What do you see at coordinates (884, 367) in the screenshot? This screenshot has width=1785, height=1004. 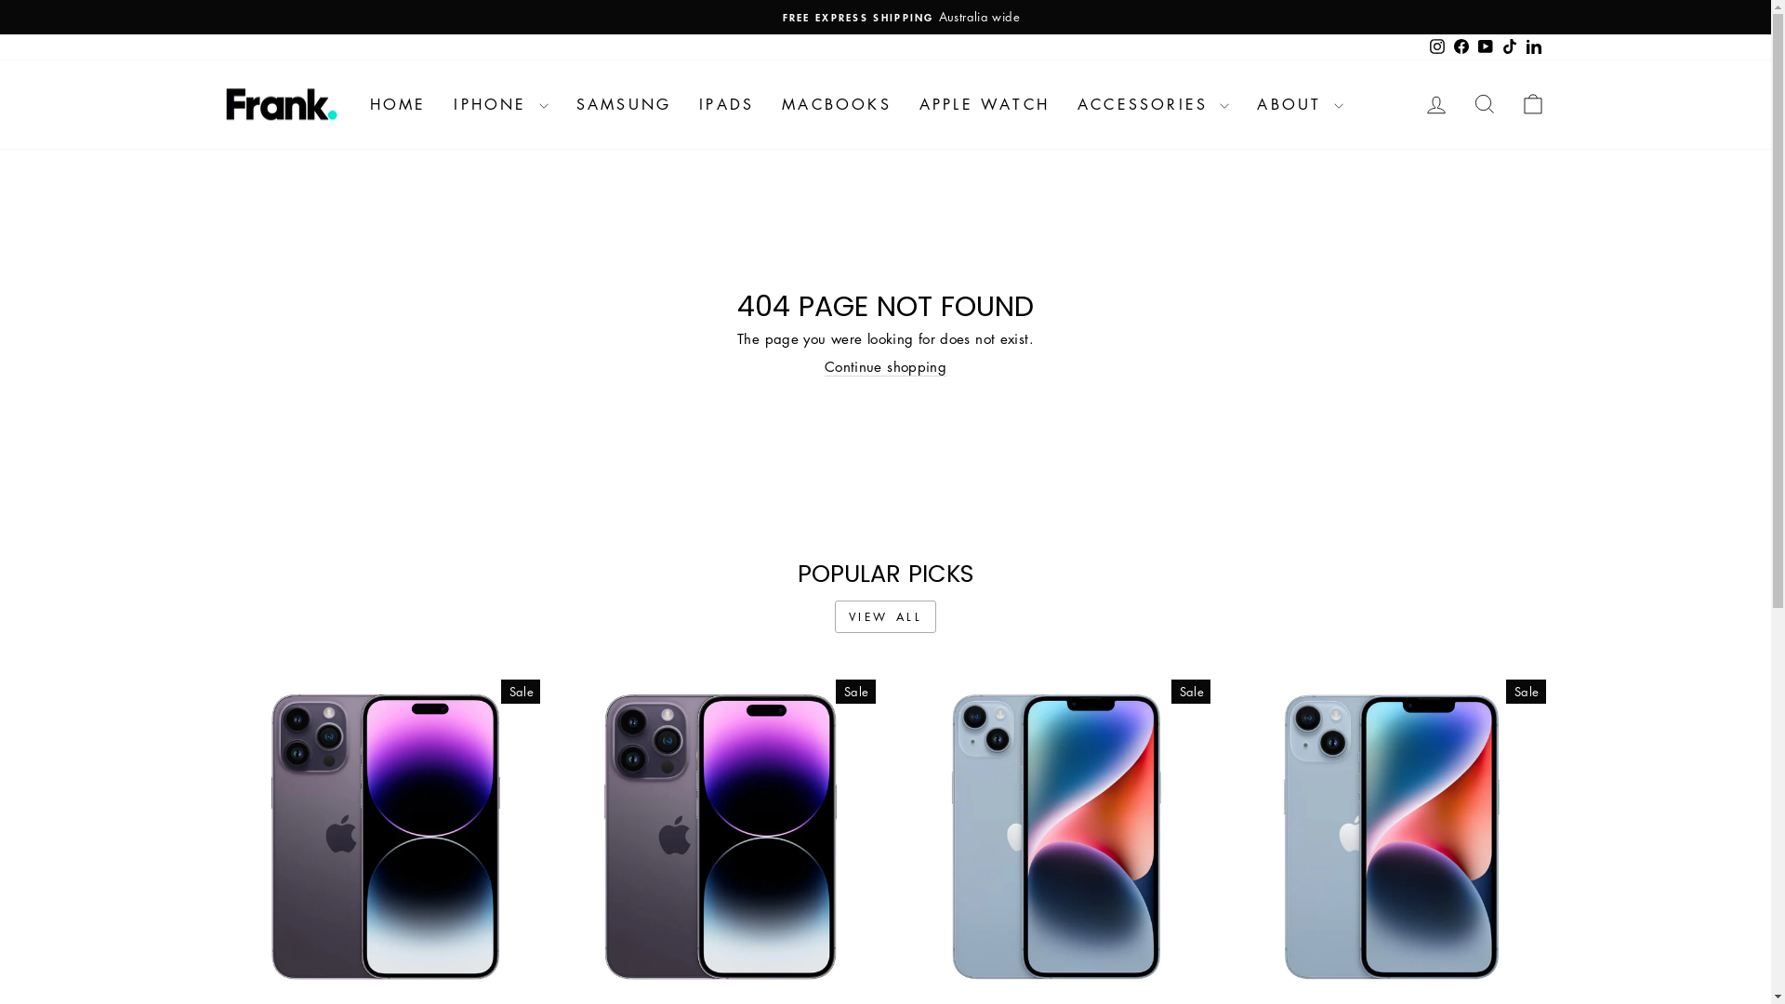 I see `'Continue shopping'` at bounding box center [884, 367].